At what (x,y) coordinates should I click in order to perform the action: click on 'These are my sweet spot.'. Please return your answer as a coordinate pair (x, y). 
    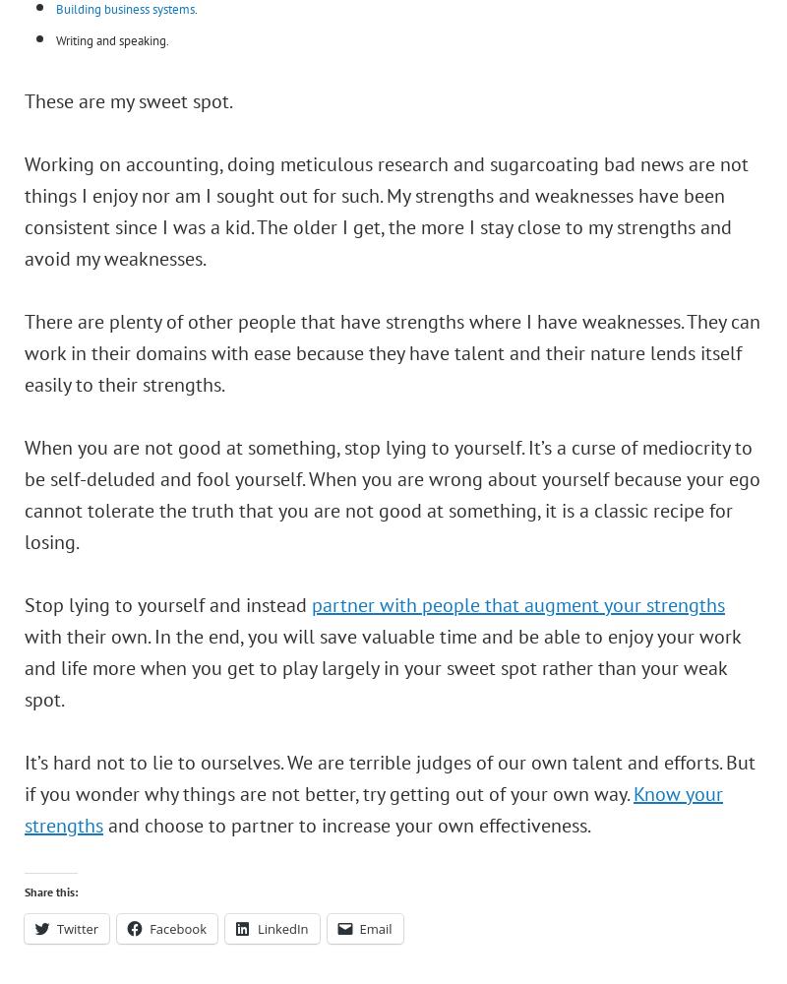
    Looking at the image, I should click on (24, 99).